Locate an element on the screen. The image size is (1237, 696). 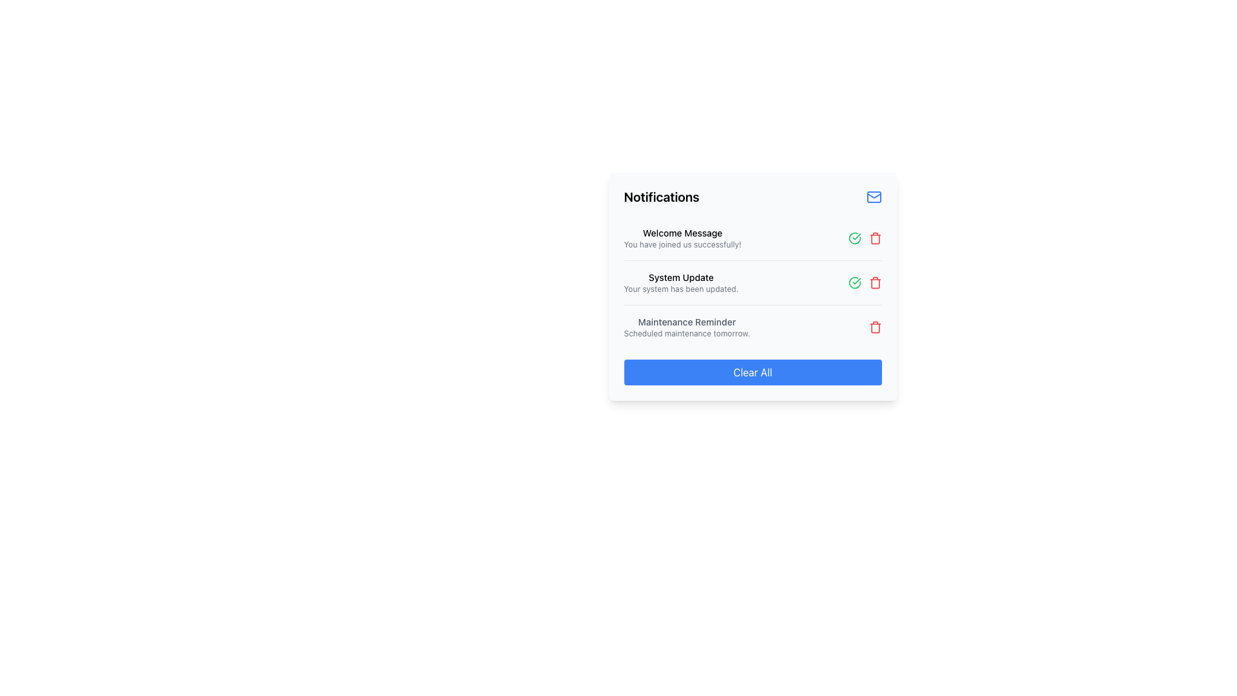
the bold 'System Update' text label, which is the title of the second notification in the Notifications panel, positioned between the 'Welcome Message' and 'Maintenance Reminder' is located at coordinates (680, 277).